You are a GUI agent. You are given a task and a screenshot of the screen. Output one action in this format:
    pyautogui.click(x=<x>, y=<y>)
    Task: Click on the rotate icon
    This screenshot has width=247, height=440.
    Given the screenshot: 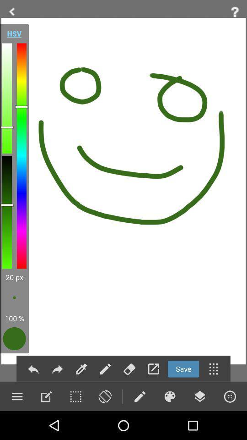 What is the action you would take?
    pyautogui.click(x=104, y=396)
    